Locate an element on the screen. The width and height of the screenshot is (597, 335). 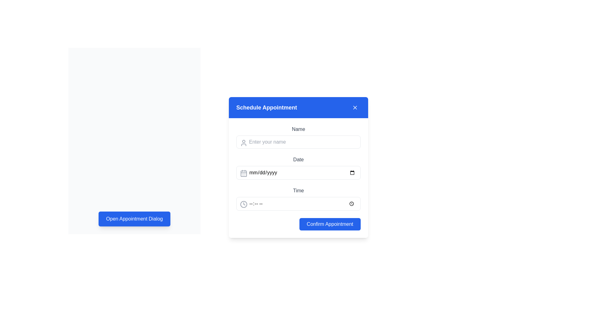
the calendar icon located to the left of the 'Date' input field in the 'Schedule Appointment' dialog box is located at coordinates (243, 173).